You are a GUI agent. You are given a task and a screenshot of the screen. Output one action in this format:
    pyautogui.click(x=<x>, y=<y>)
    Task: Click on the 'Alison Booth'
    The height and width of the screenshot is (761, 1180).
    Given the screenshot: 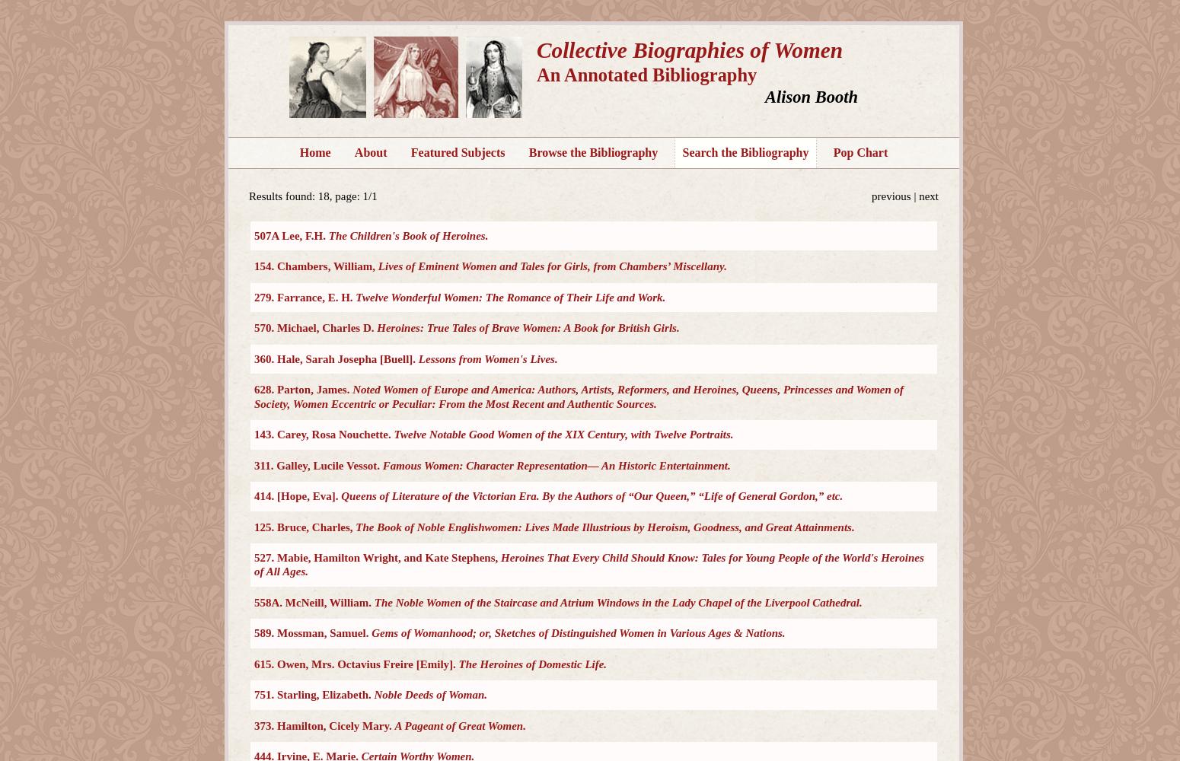 What is the action you would take?
    pyautogui.click(x=811, y=97)
    